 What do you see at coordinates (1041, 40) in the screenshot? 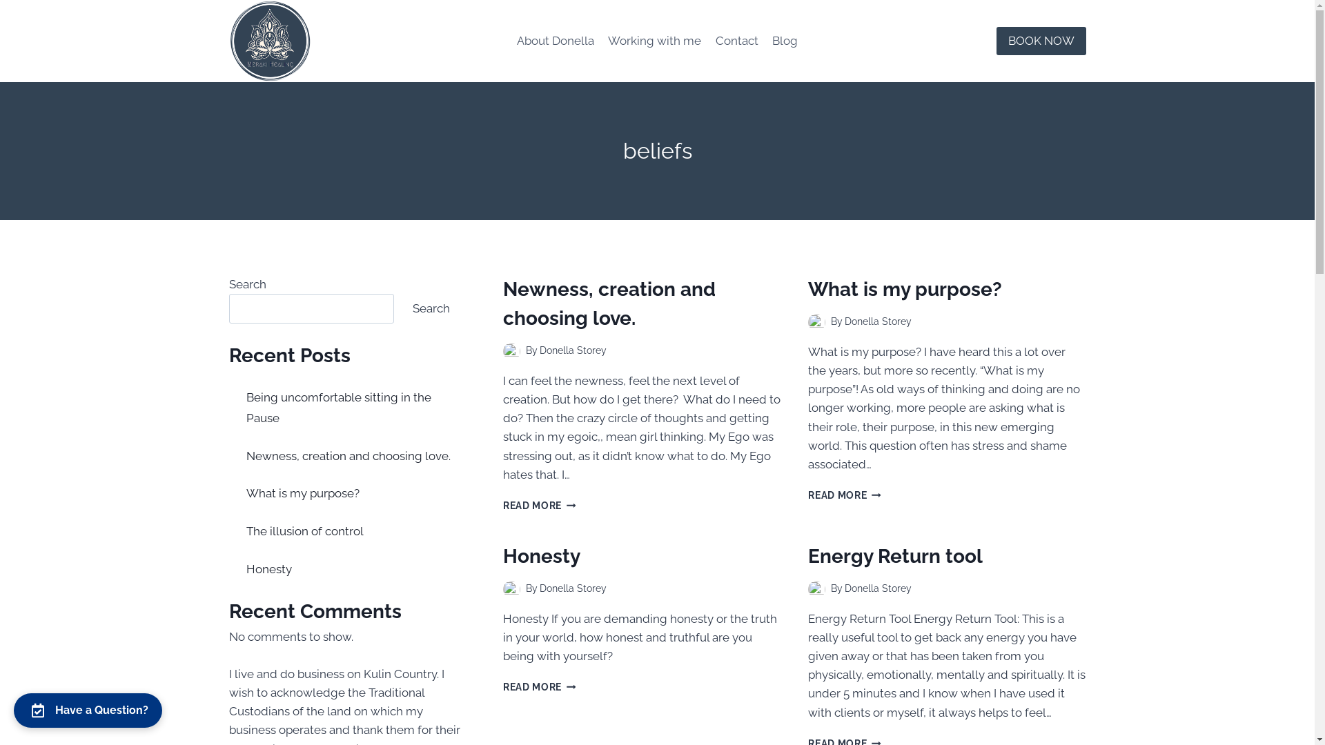
I see `'BOOK NOW'` at bounding box center [1041, 40].